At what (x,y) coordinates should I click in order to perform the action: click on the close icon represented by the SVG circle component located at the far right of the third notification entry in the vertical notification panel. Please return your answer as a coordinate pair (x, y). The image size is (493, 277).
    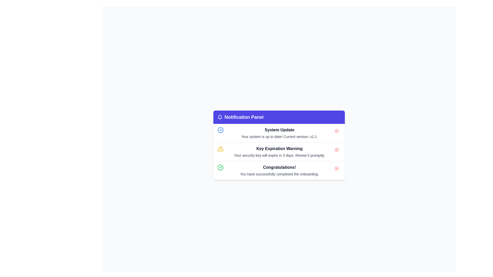
    Looking at the image, I should click on (336, 150).